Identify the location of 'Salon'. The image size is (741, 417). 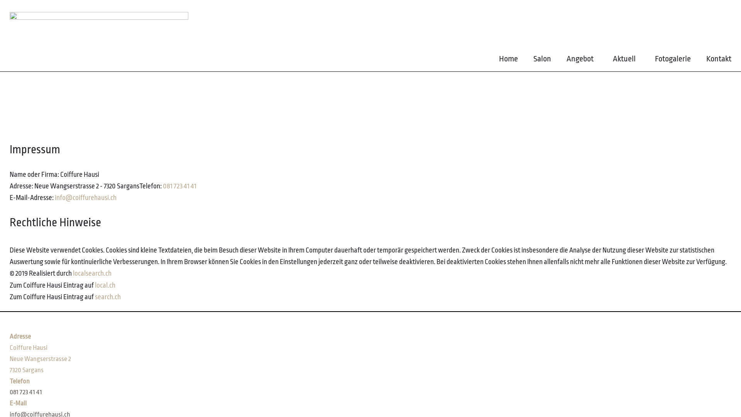
(542, 60).